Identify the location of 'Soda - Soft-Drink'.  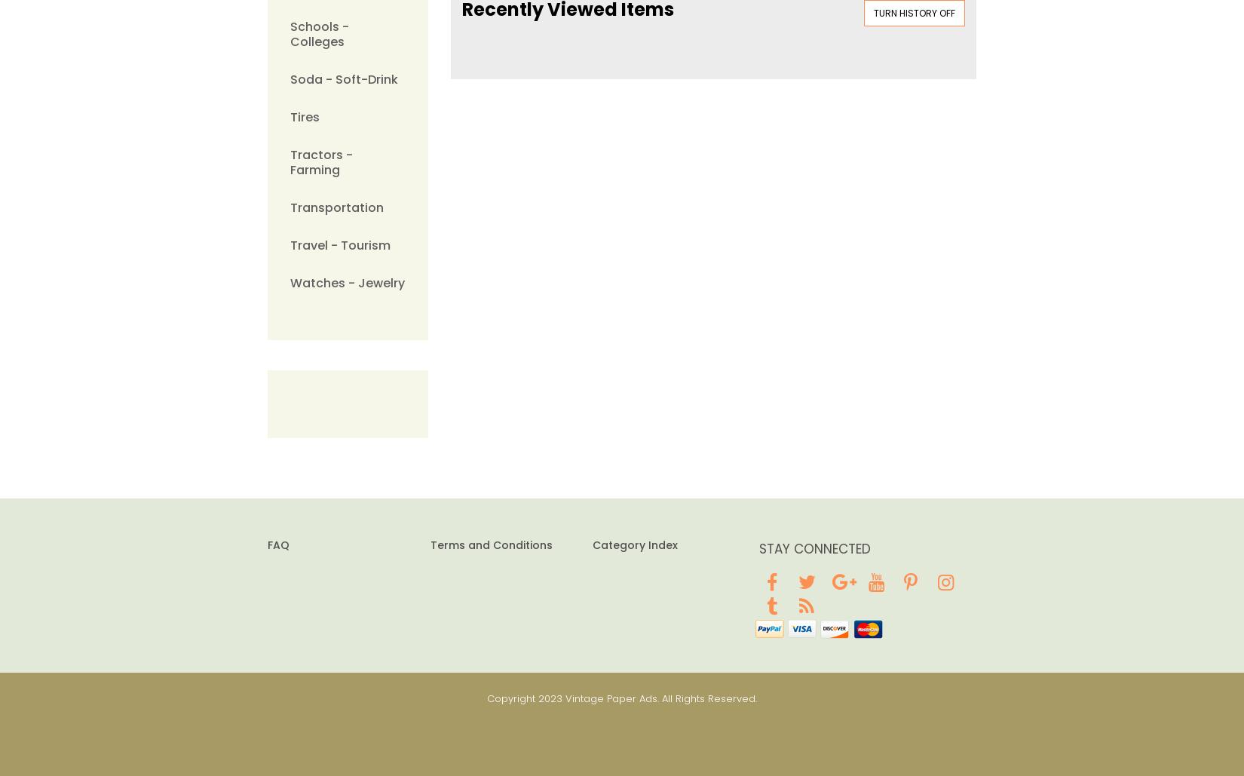
(343, 78).